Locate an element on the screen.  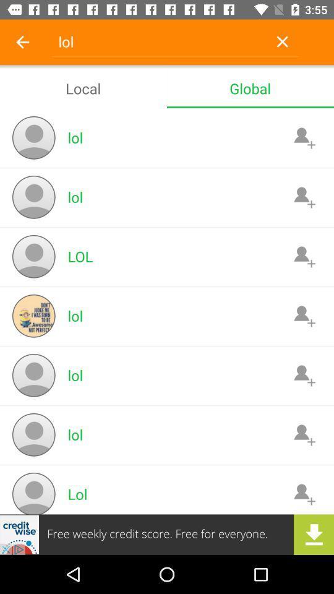
to contact is located at coordinates (304, 494).